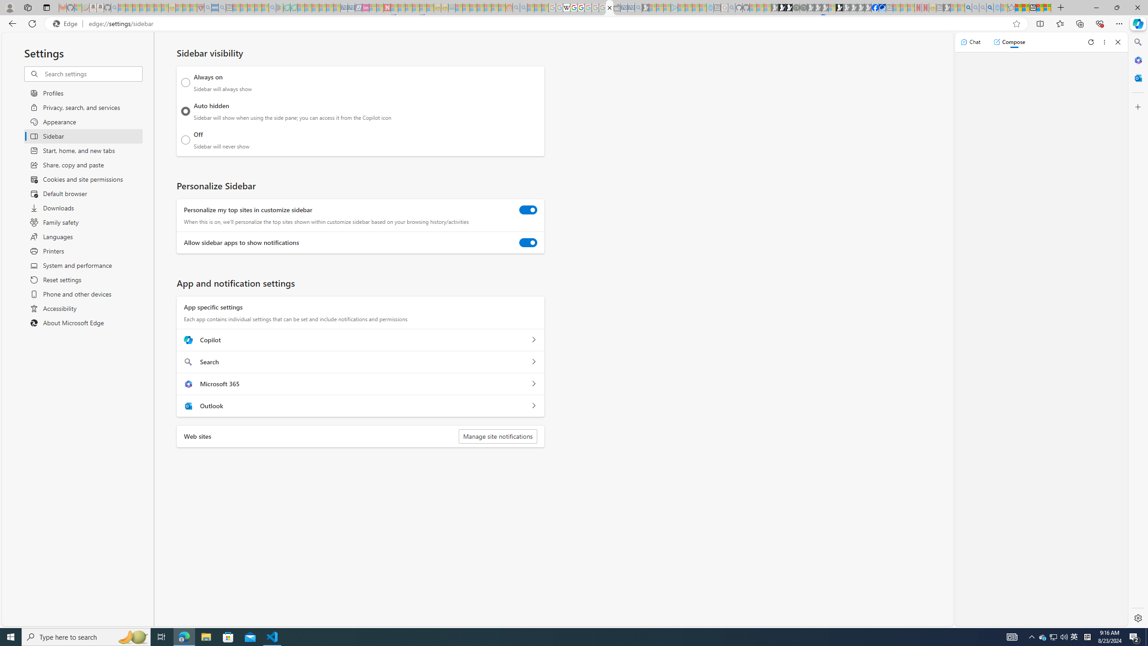  What do you see at coordinates (990, 7) in the screenshot?
I see `'Google Chrome Internet Browser Download - Search Images'` at bounding box center [990, 7].